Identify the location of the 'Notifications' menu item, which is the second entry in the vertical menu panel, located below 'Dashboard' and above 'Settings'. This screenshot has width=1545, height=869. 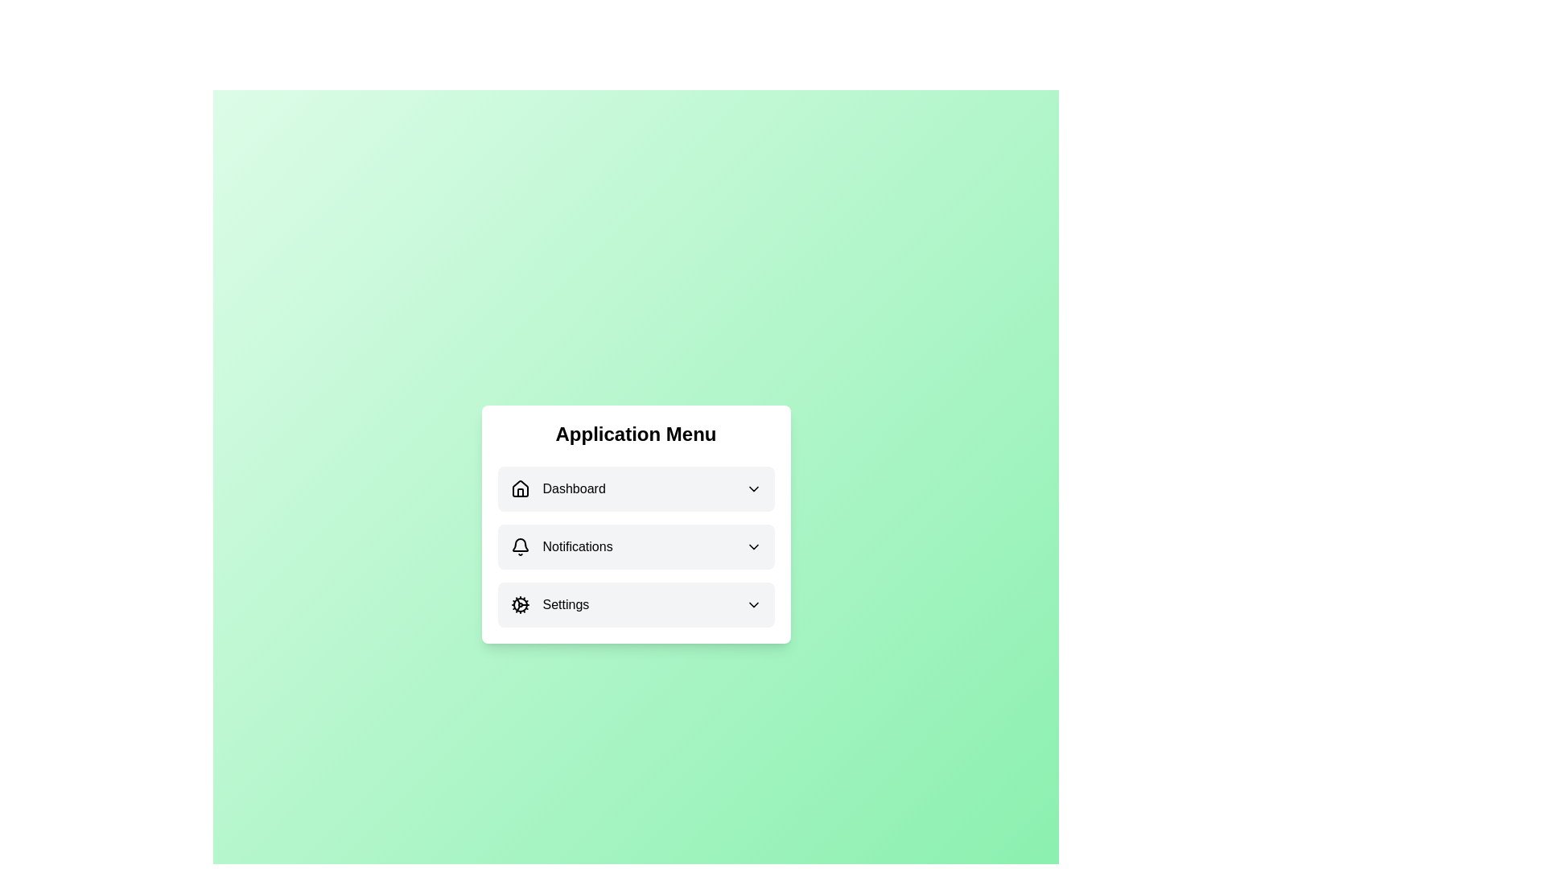
(561, 546).